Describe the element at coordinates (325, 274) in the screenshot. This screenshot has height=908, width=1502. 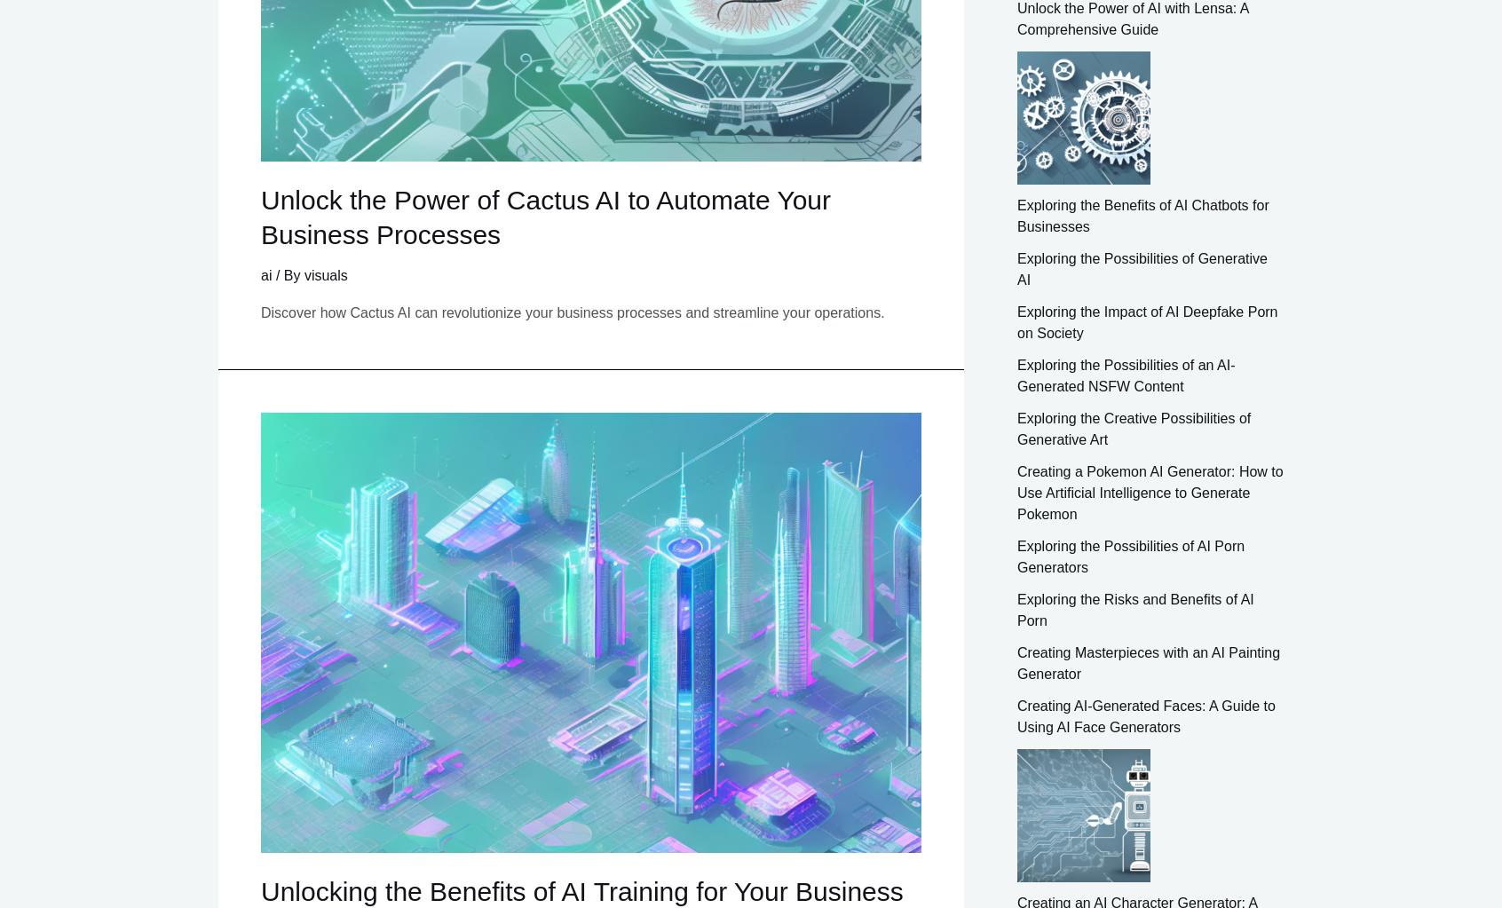
I see `'visuals'` at that location.